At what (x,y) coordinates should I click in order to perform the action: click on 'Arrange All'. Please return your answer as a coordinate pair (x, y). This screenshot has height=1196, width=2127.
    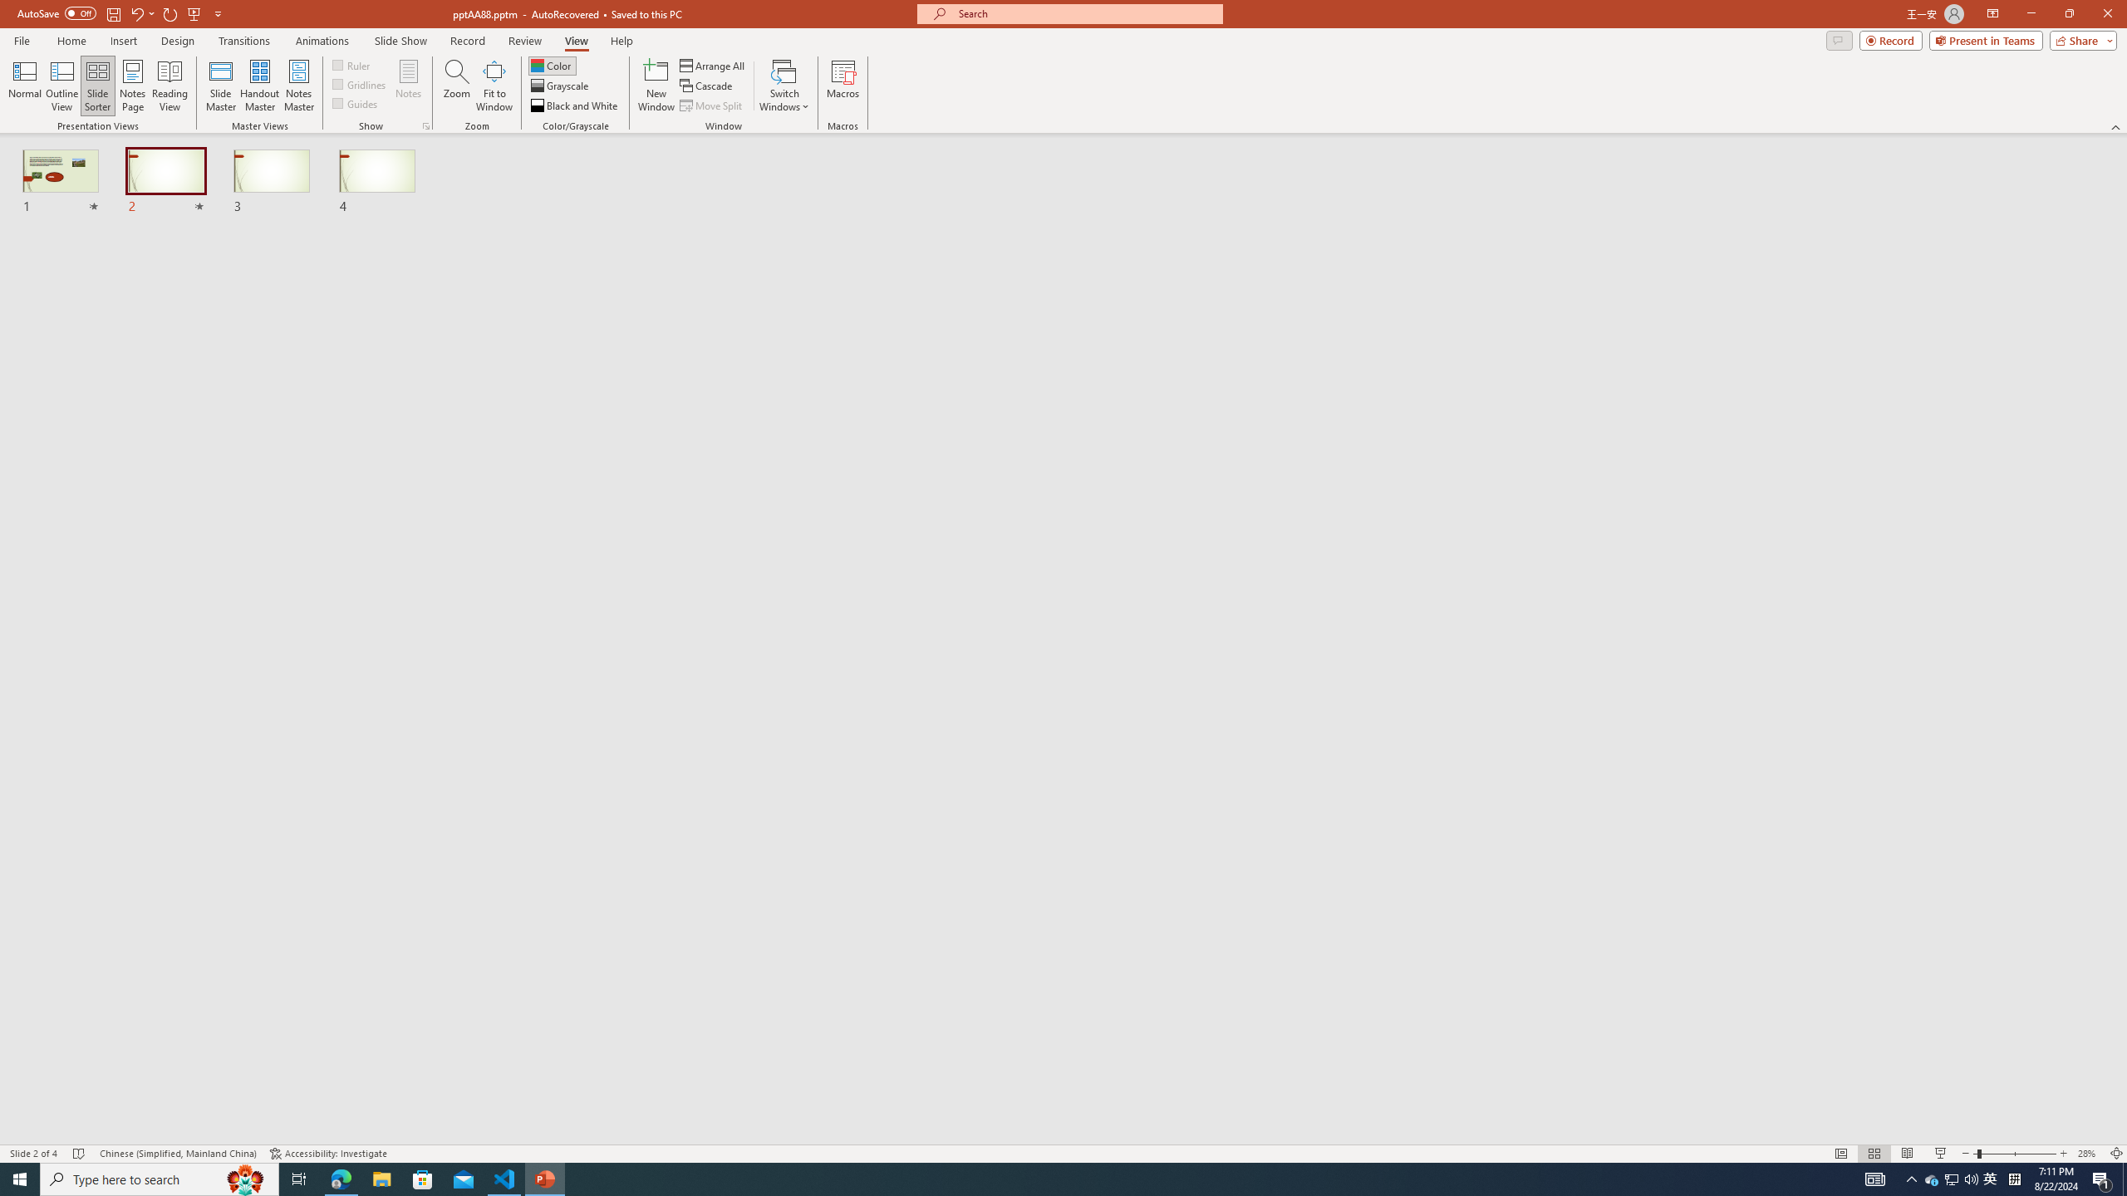
    Looking at the image, I should click on (712, 65).